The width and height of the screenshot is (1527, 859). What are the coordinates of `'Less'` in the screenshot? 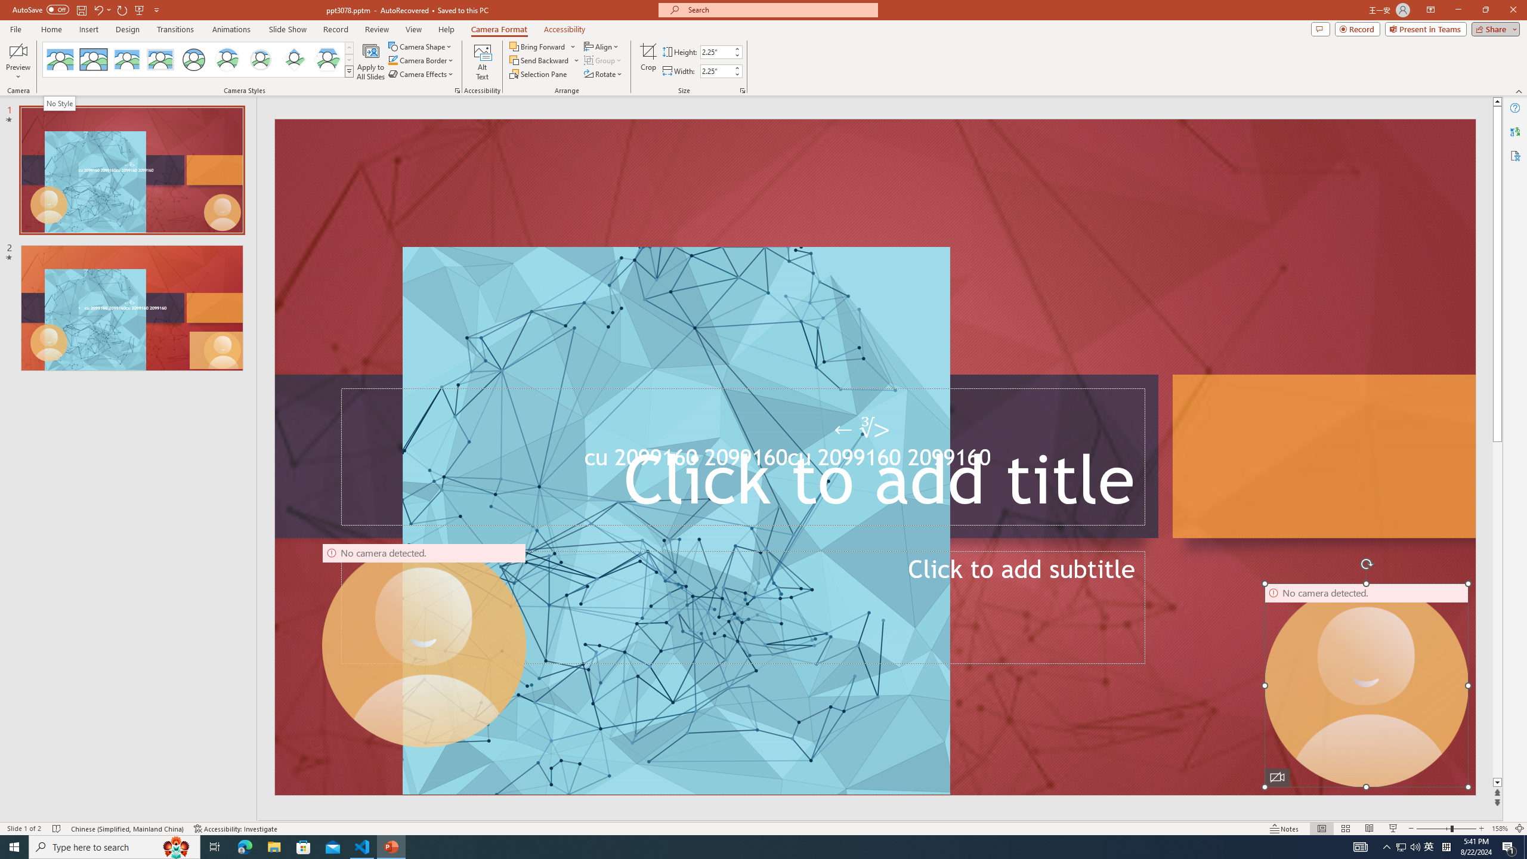 It's located at (737, 73).